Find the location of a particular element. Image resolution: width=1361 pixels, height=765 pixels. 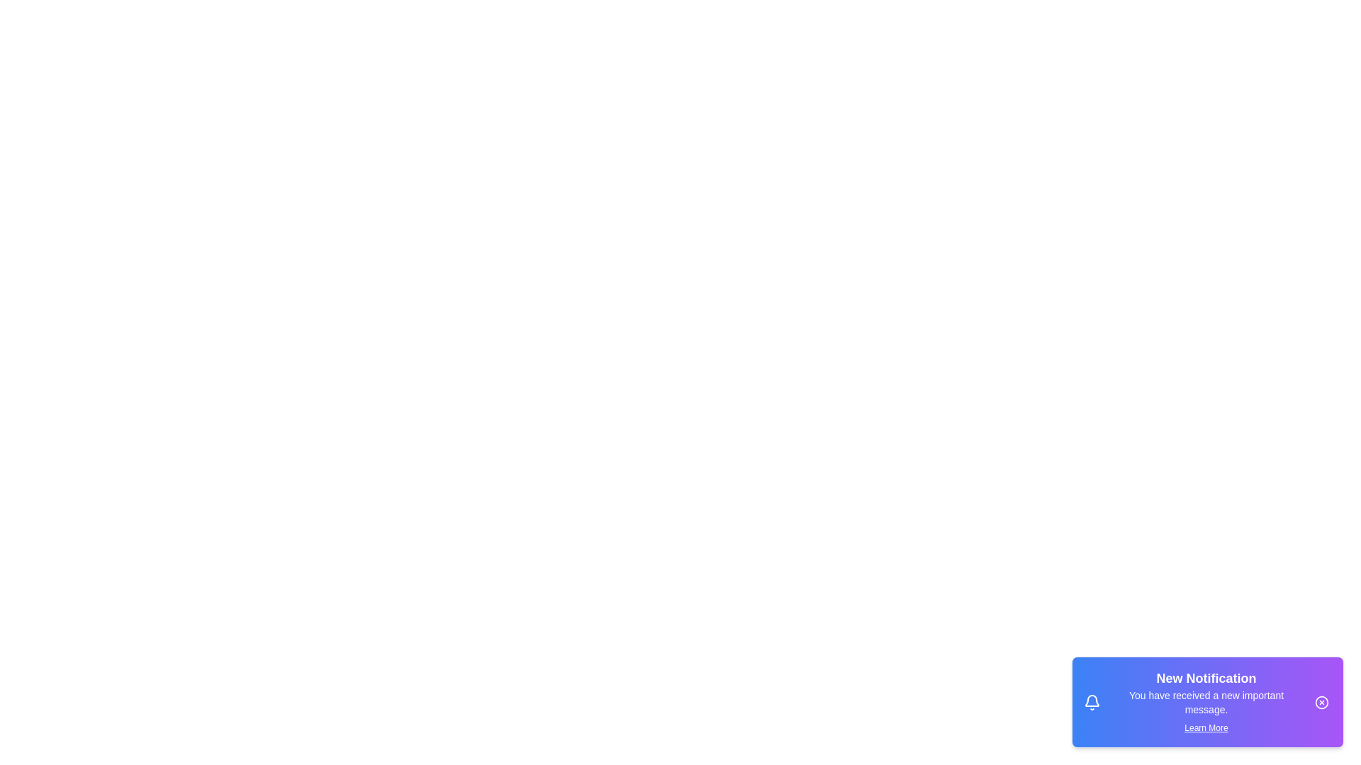

close button on the notification is located at coordinates (1321, 702).